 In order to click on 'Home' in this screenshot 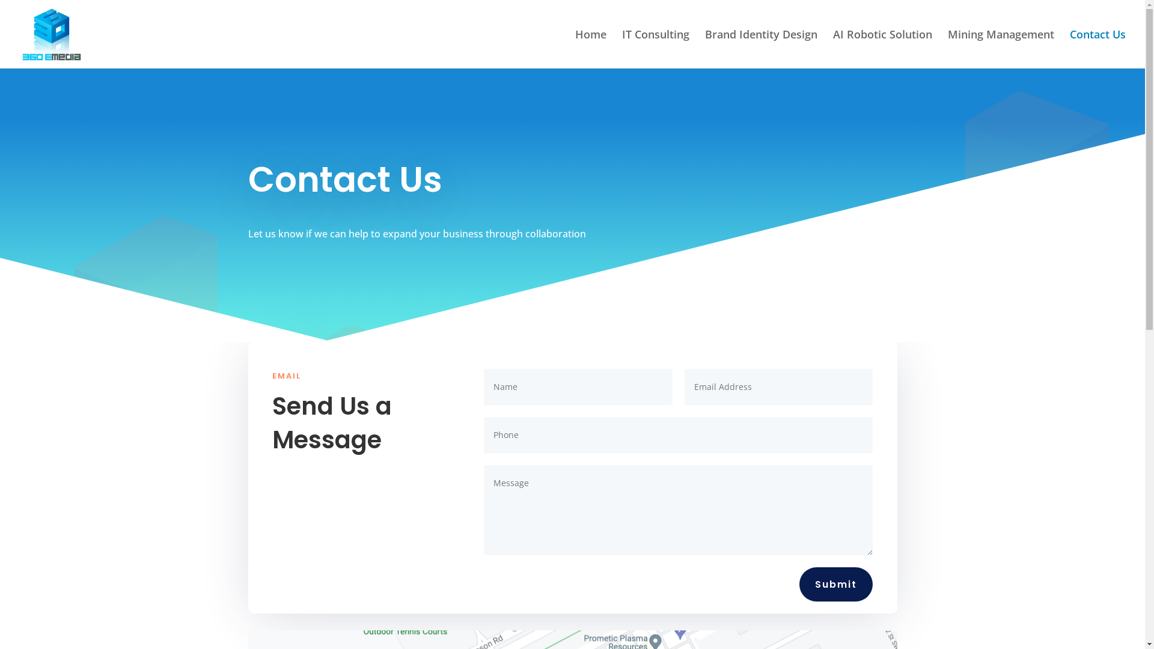, I will do `click(574, 48)`.